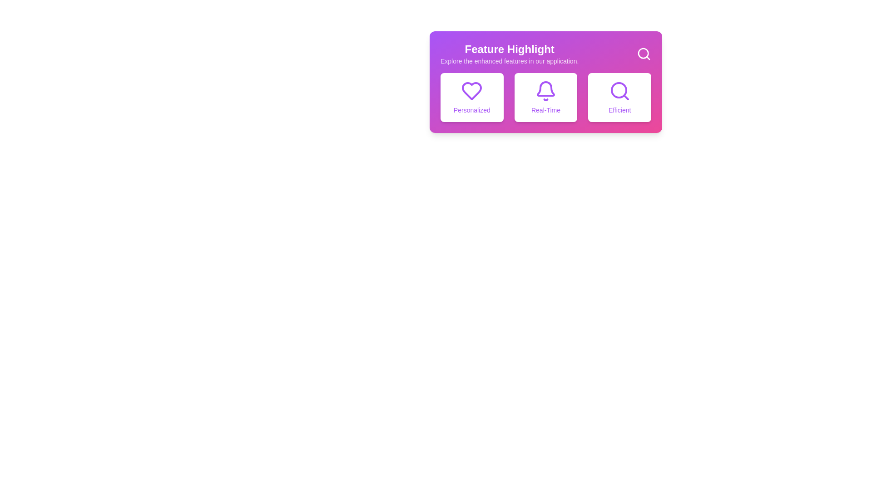  Describe the element at coordinates (545, 98) in the screenshot. I see `the contents of the card featuring a bell icon and 'Real-Time' text, which is positioned in the middle column of the grid layout` at that location.